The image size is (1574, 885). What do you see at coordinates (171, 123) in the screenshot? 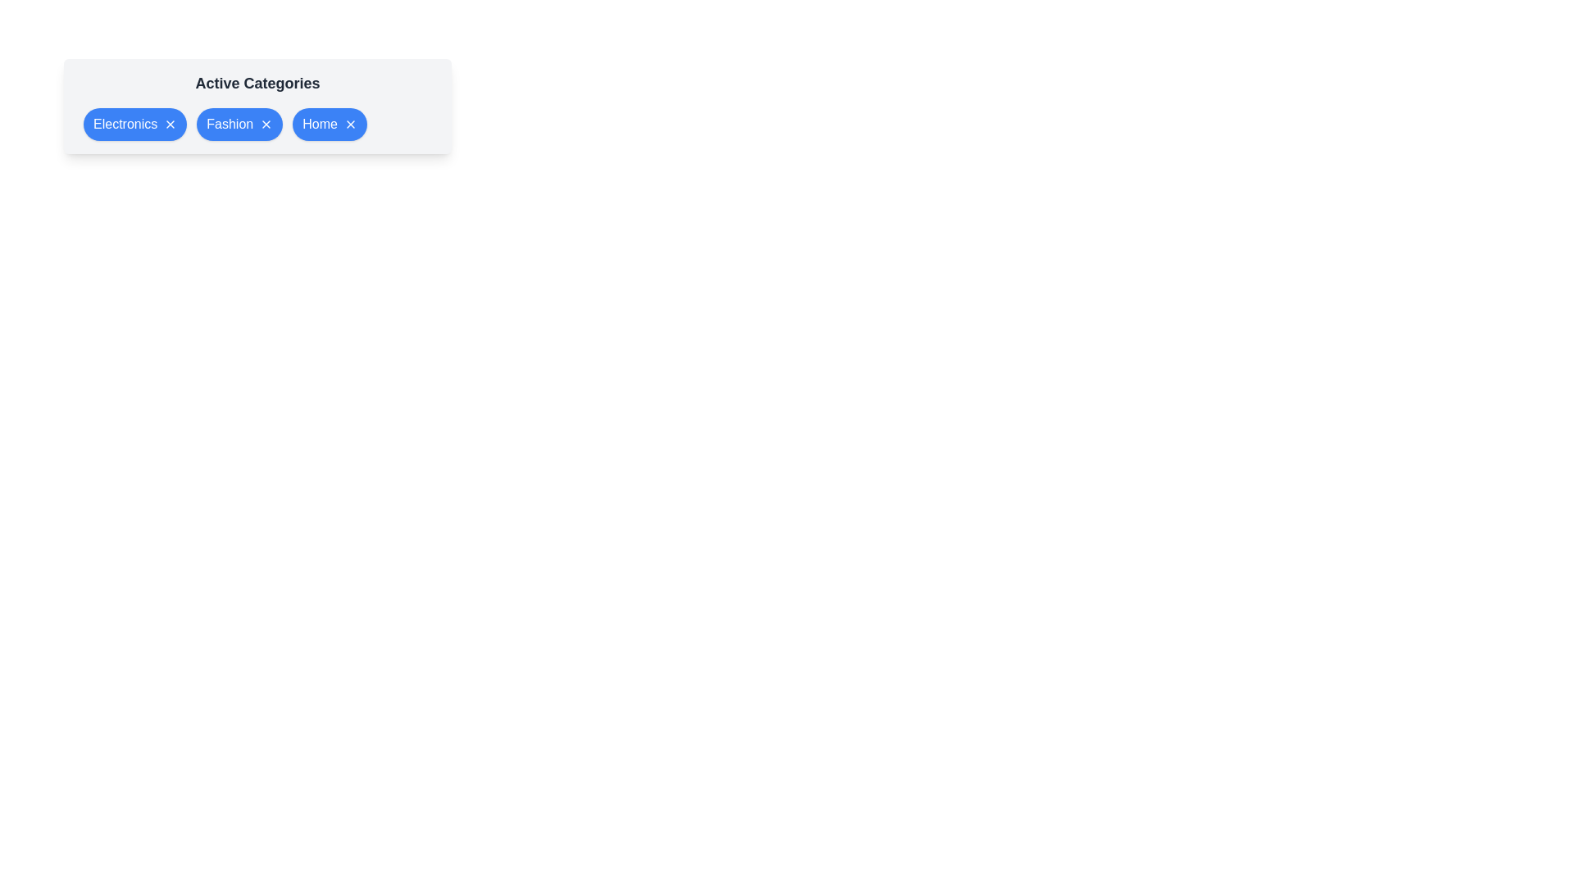
I see `'X' button of the category Electronics to remove it` at bounding box center [171, 123].